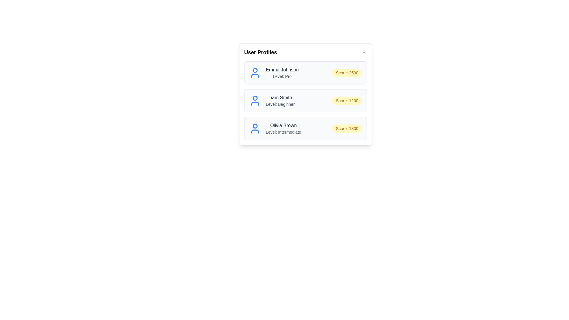  Describe the element at coordinates (255, 75) in the screenshot. I see `the lower section of the user avatar icon representing Emma Johnson's torso, which is styled in solid blue and positioned below the head circle` at that location.